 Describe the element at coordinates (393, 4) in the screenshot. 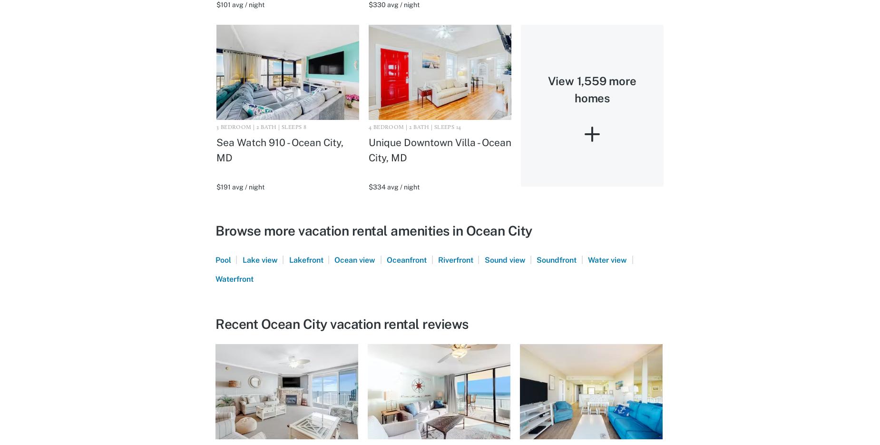

I see `'$330 avg / night'` at that location.